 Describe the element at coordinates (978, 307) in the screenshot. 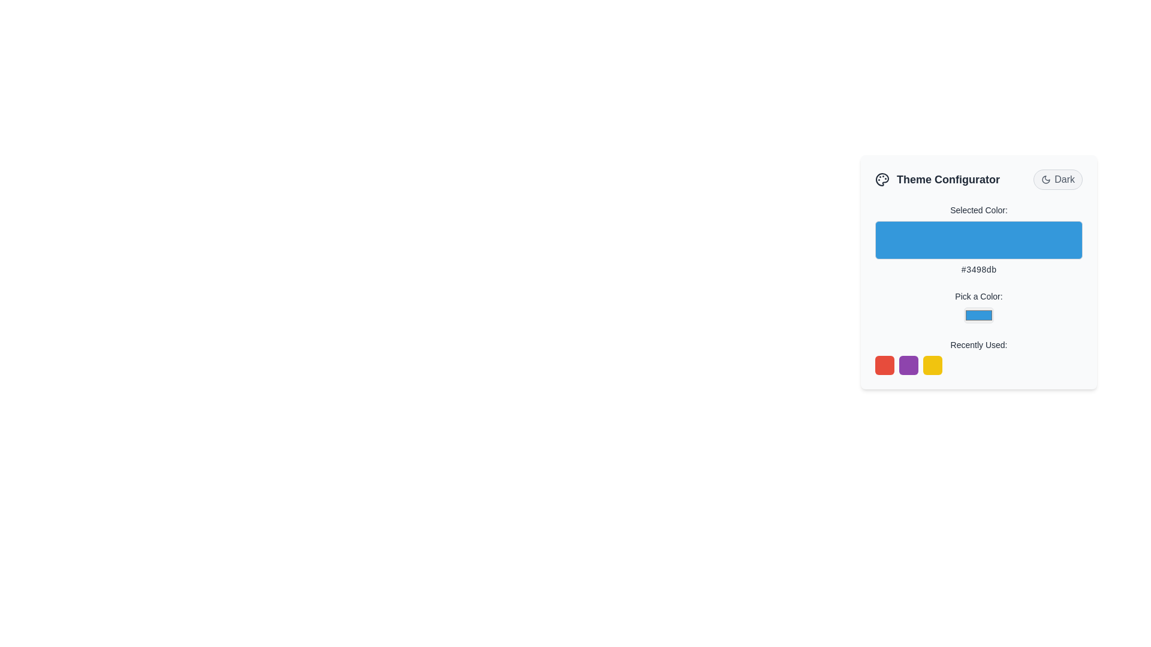

I see `instructions from the text label that guides the user on how to select a color in the Theme Configurator section, positioned above the color picker input` at that location.